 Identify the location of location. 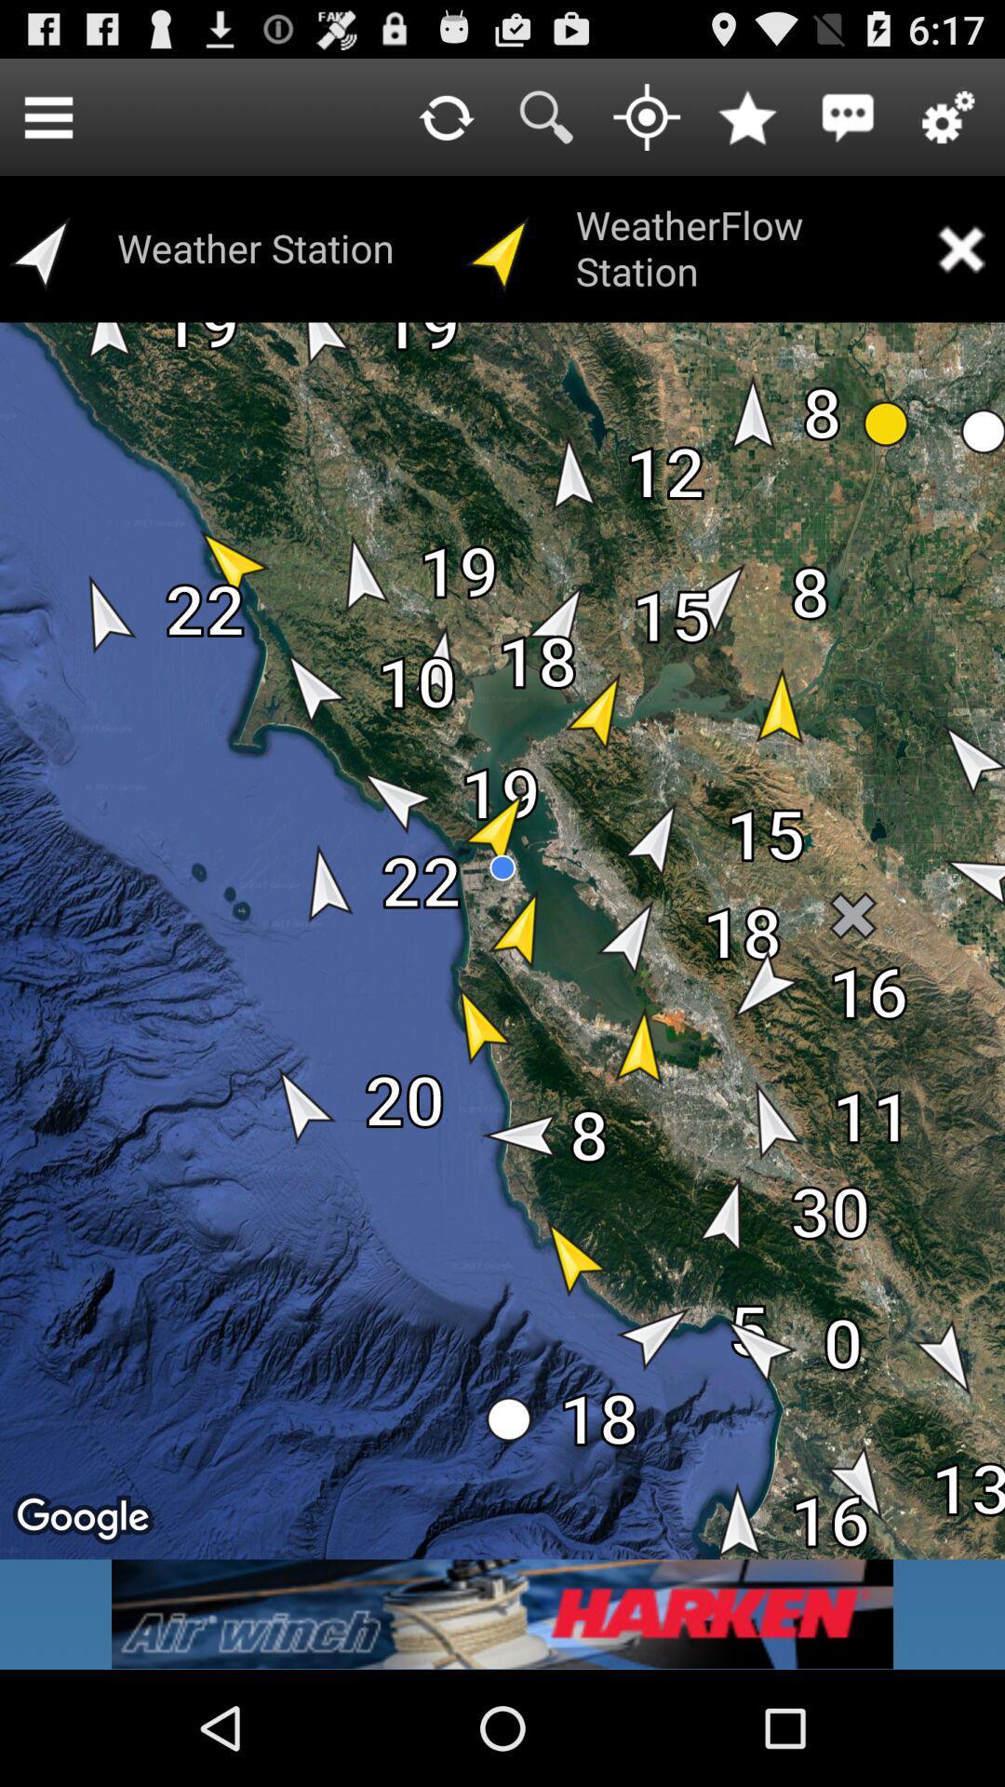
(646, 115).